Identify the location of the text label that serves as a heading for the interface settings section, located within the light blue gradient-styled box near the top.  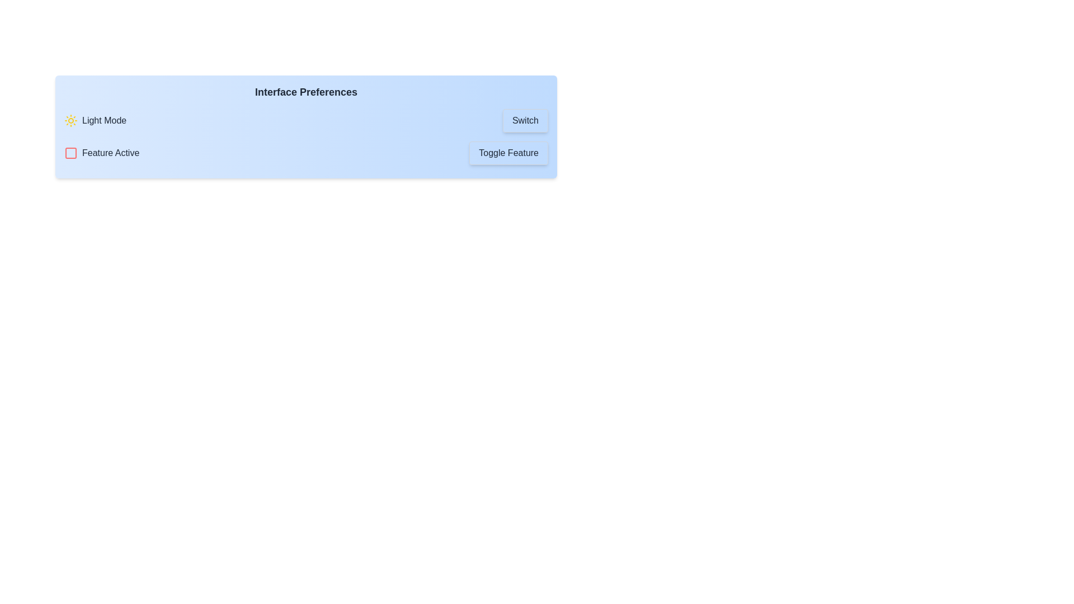
(306, 92).